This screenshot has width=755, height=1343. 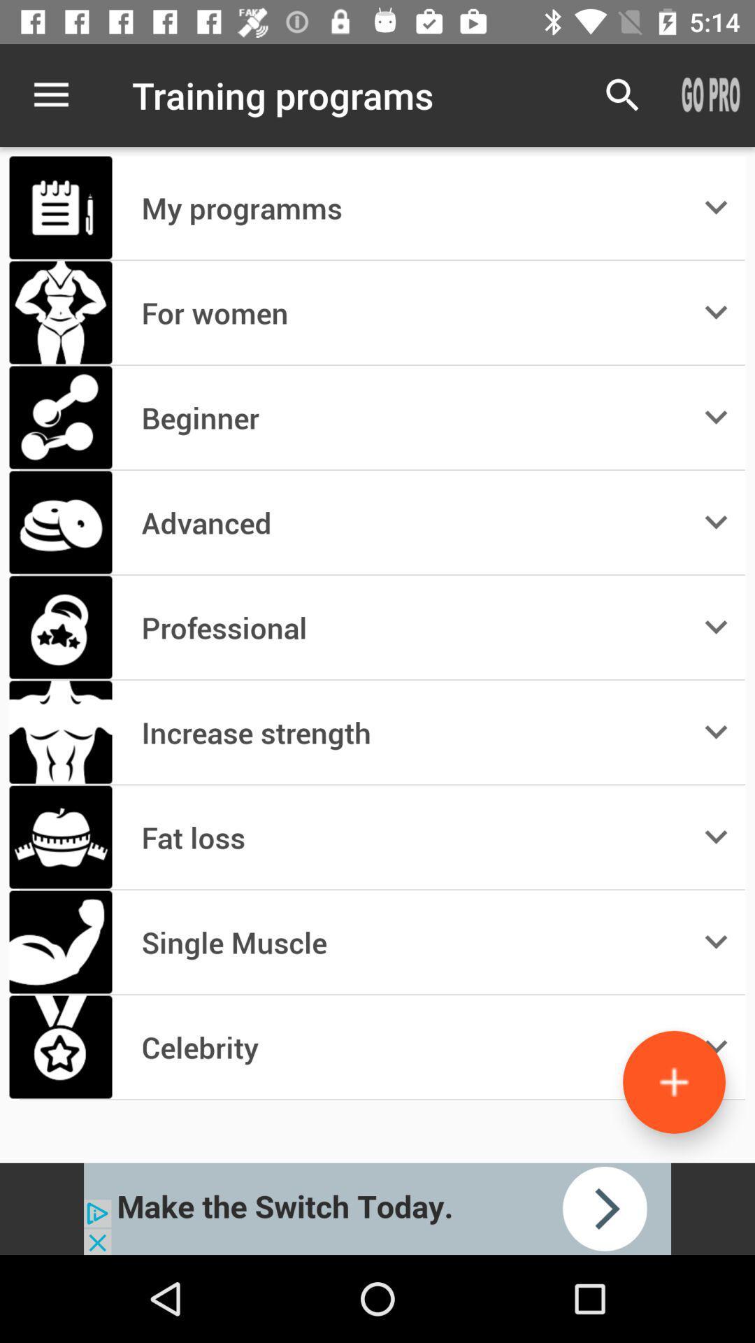 What do you see at coordinates (673, 1081) in the screenshot?
I see `the add icon` at bounding box center [673, 1081].